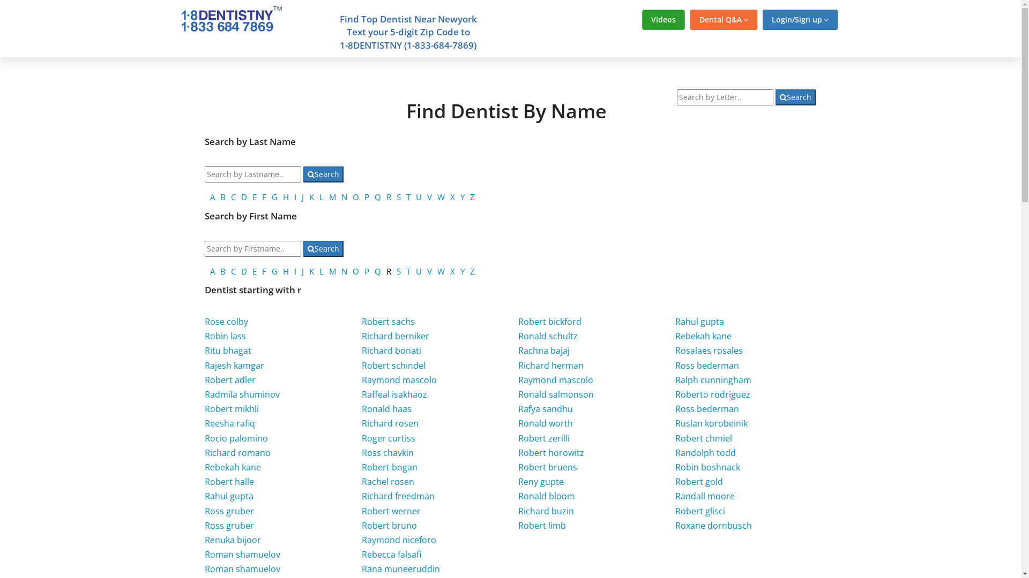 Image resolution: width=1029 pixels, height=578 pixels. What do you see at coordinates (452, 270) in the screenshot?
I see `'X'` at bounding box center [452, 270].